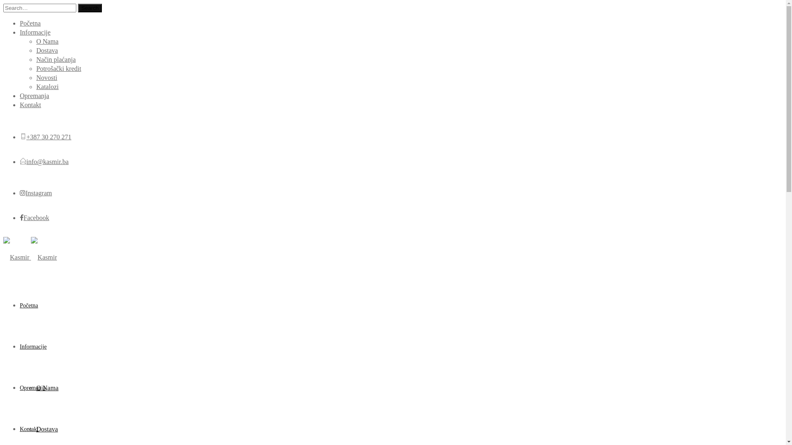 This screenshot has height=445, width=792. Describe the element at coordinates (33, 347) in the screenshot. I see `'Informacije'` at that location.